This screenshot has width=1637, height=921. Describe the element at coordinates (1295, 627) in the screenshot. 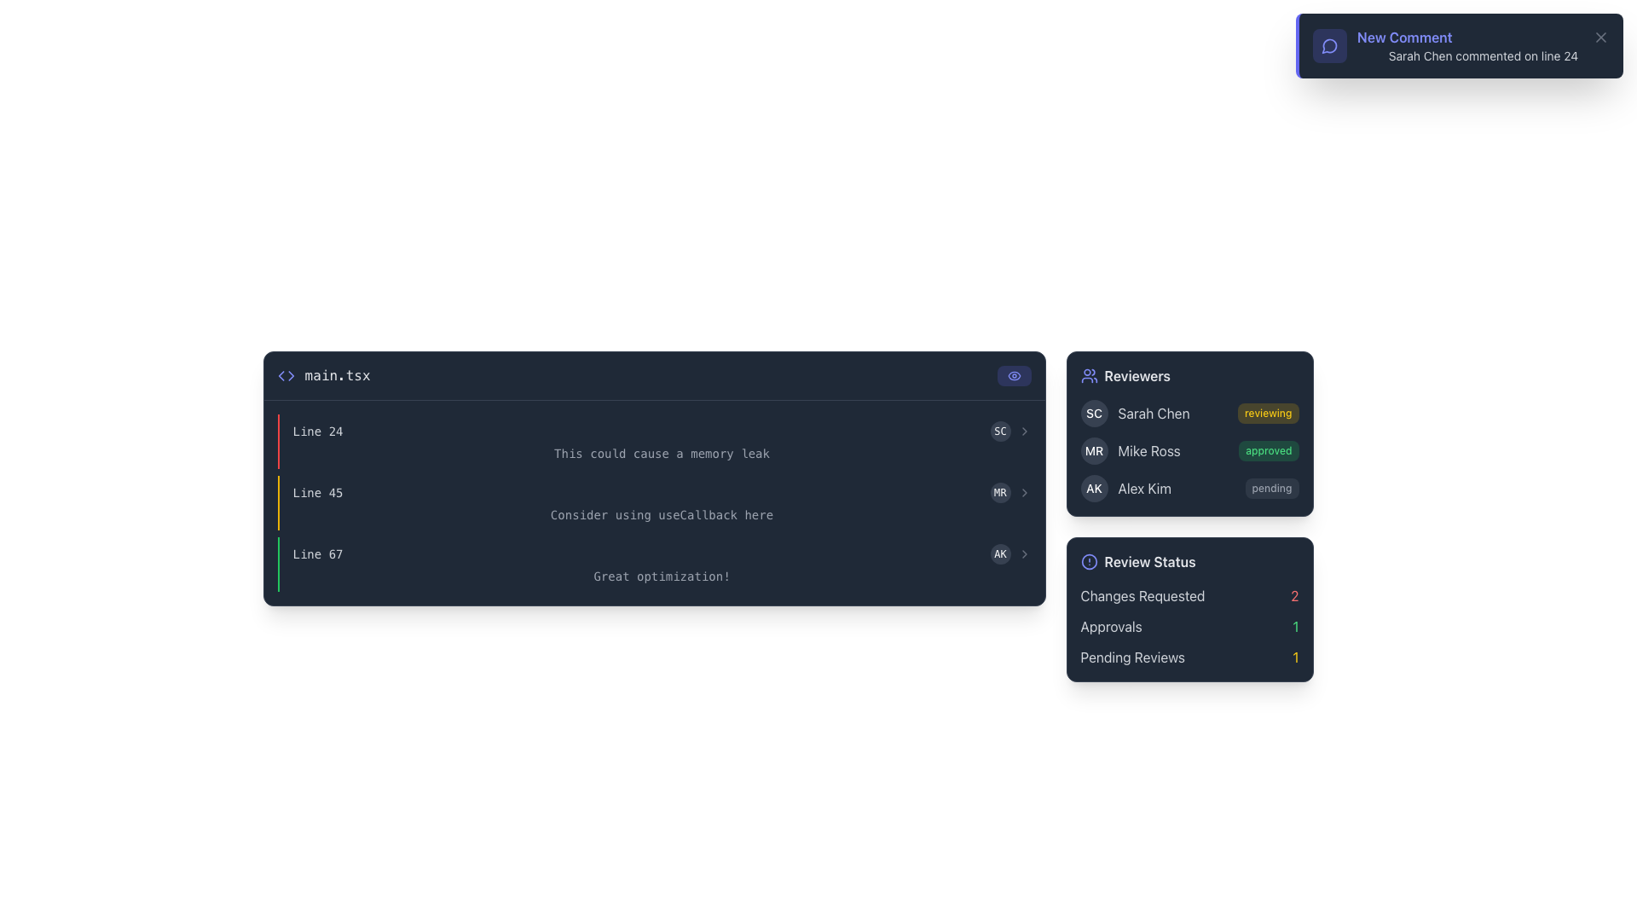

I see `the Text label that indicates the count or status associated with the 'Approvals' label, located in the 'Review Status' section, specifically to the right of the label 'Approvals'` at that location.